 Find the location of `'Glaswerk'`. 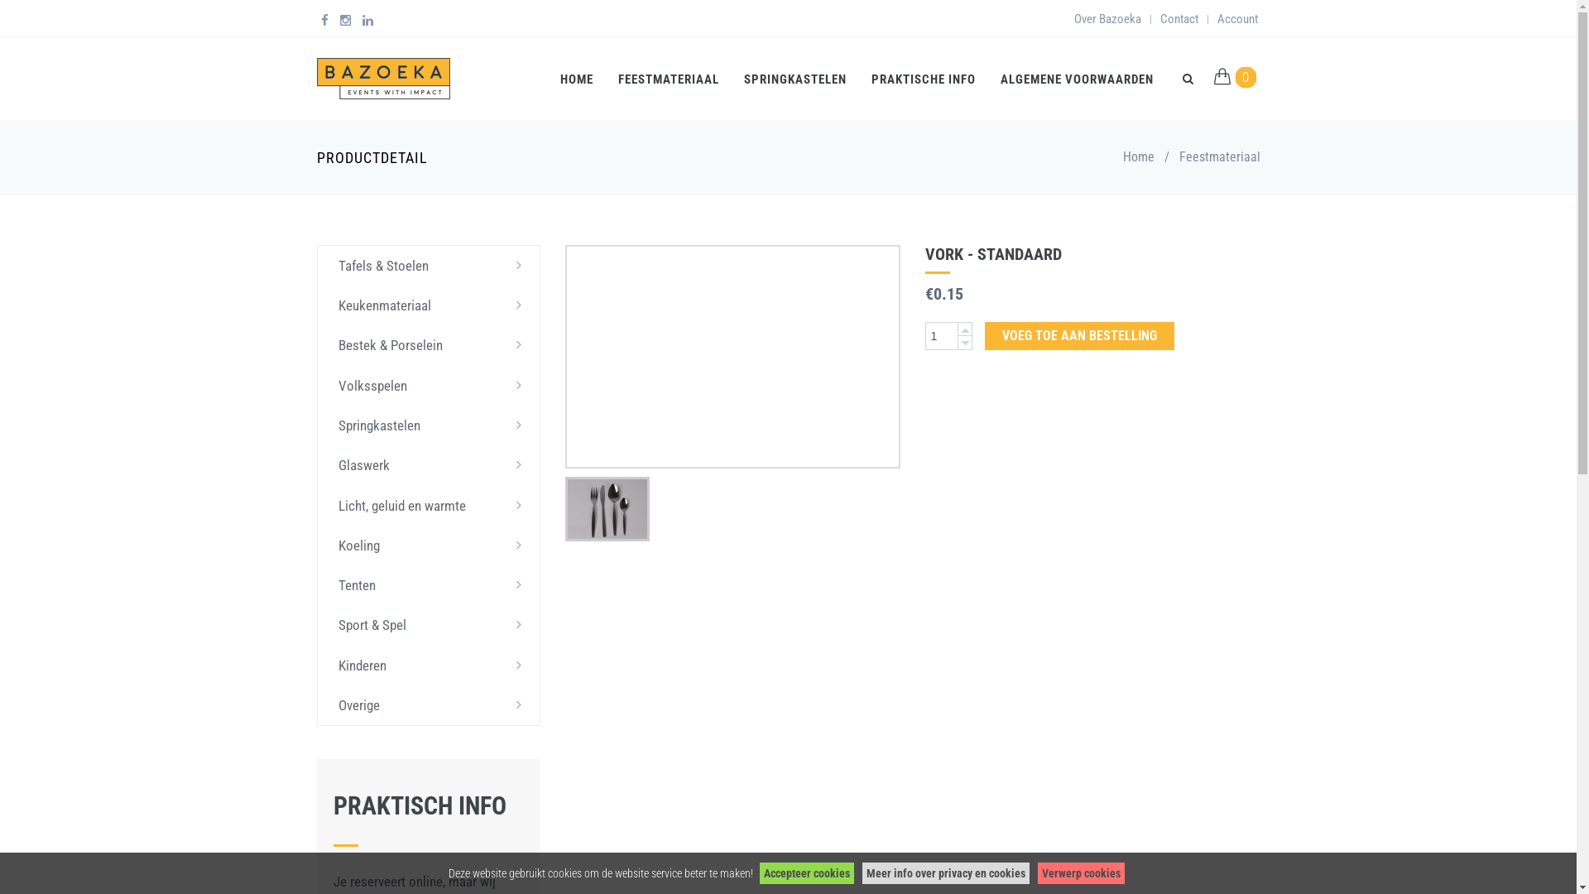

'Glaswerk' is located at coordinates (429, 465).